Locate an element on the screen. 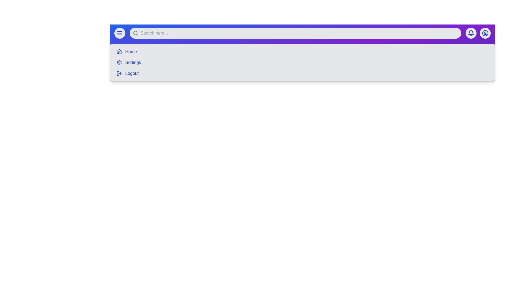 The width and height of the screenshot is (524, 294). the menu item Settings from the navigation bar is located at coordinates (133, 62).